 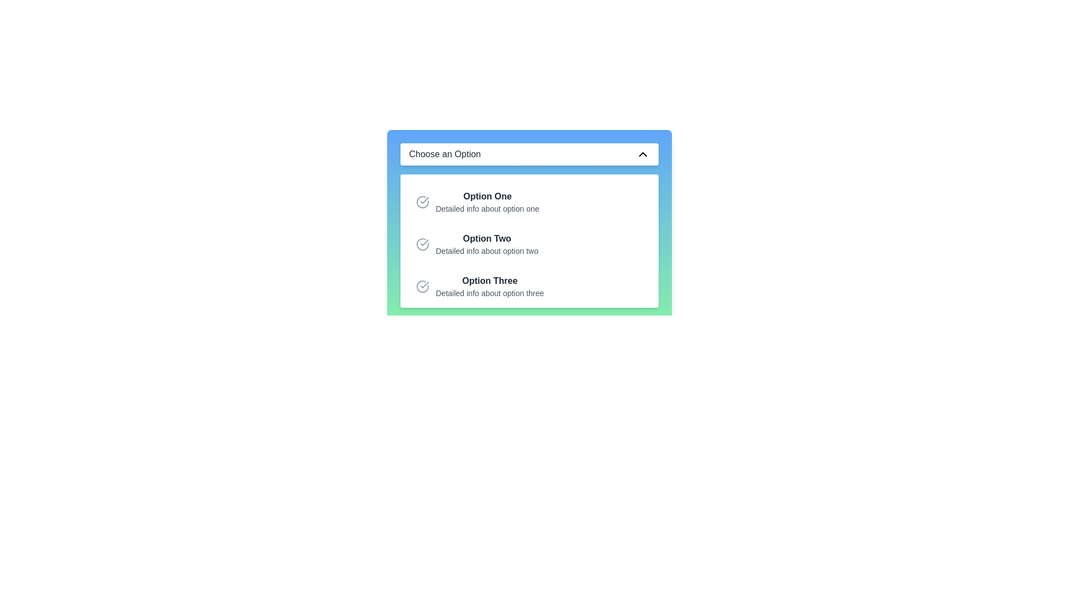 I want to click on the primary label of the third item in the dropdown options, so click(x=489, y=280).